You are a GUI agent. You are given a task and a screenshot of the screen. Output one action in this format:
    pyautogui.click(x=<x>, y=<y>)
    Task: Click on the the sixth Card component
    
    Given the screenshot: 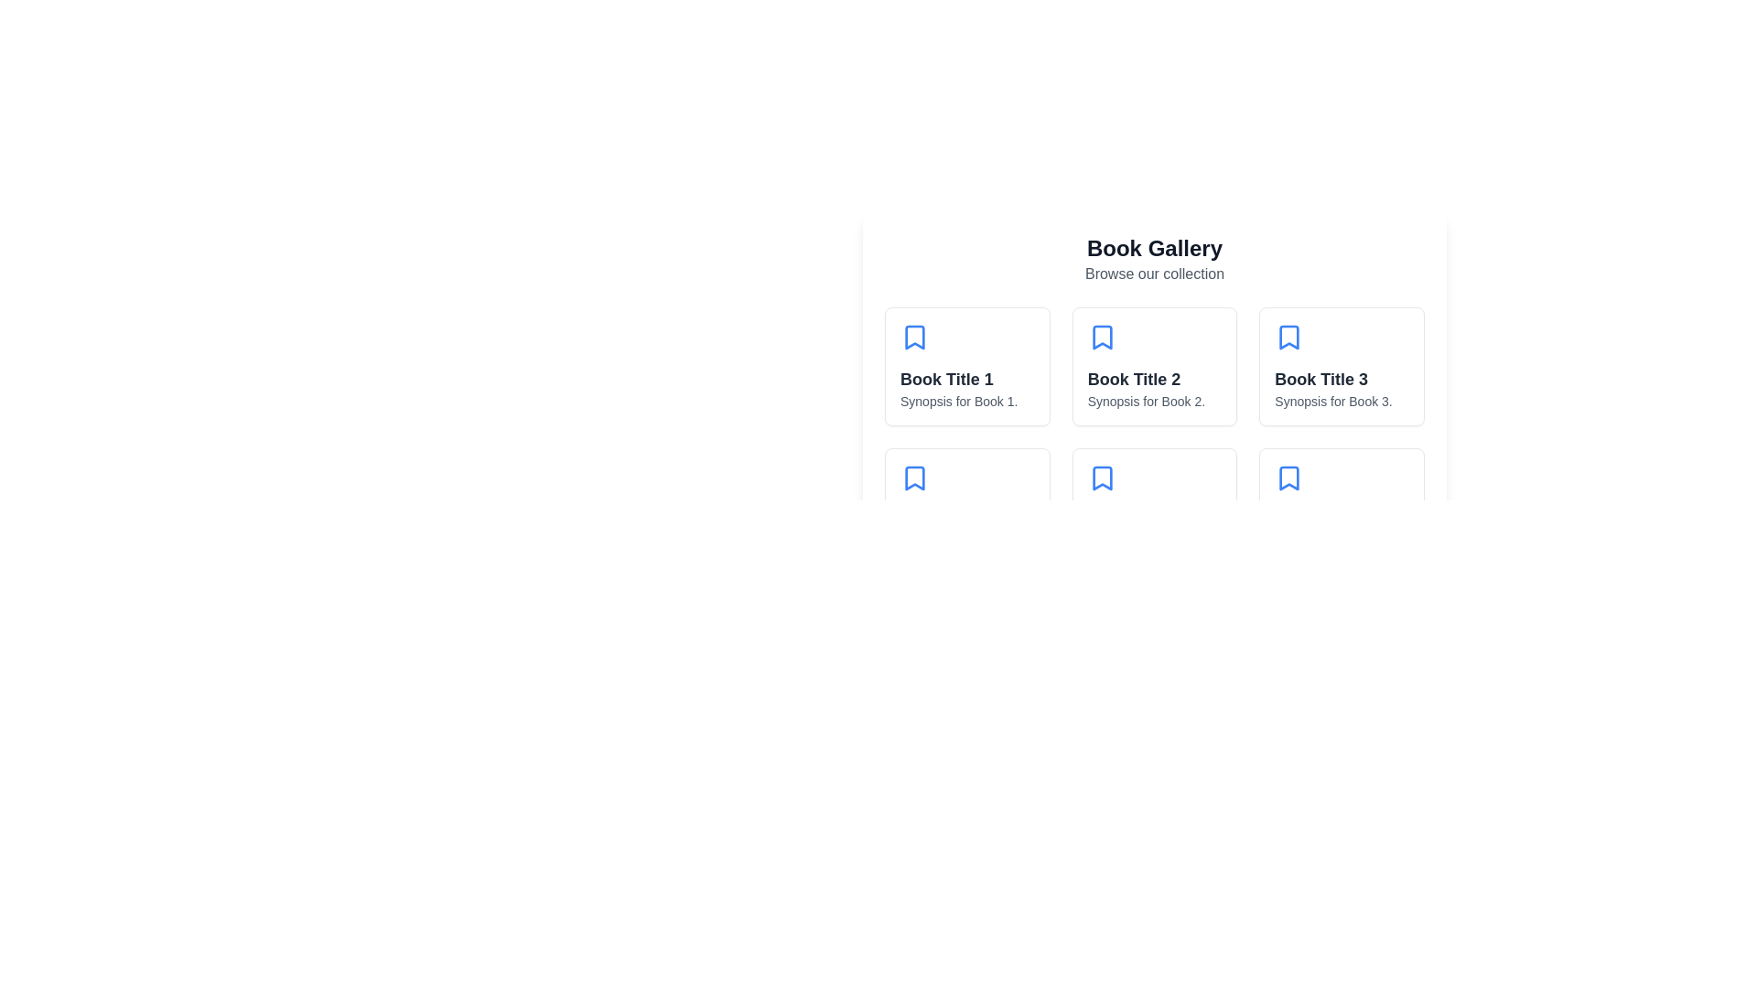 What is the action you would take?
    pyautogui.click(x=1342, y=508)
    